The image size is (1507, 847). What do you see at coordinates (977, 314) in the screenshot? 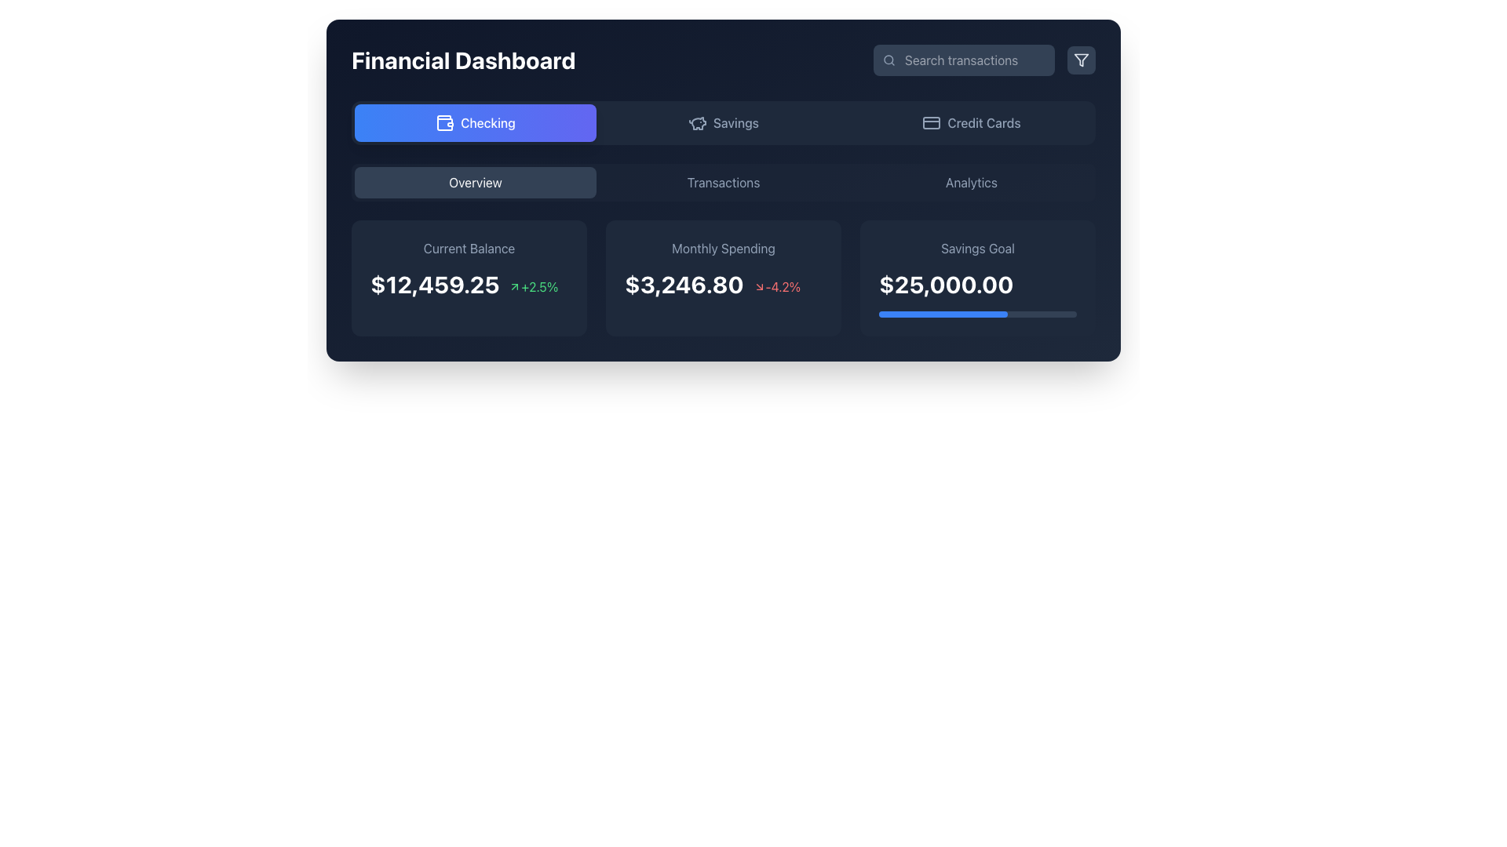
I see `the progress bar located in the 'Savings Goal' section, positioned below the numeric value '$25,000.00'` at bounding box center [977, 314].